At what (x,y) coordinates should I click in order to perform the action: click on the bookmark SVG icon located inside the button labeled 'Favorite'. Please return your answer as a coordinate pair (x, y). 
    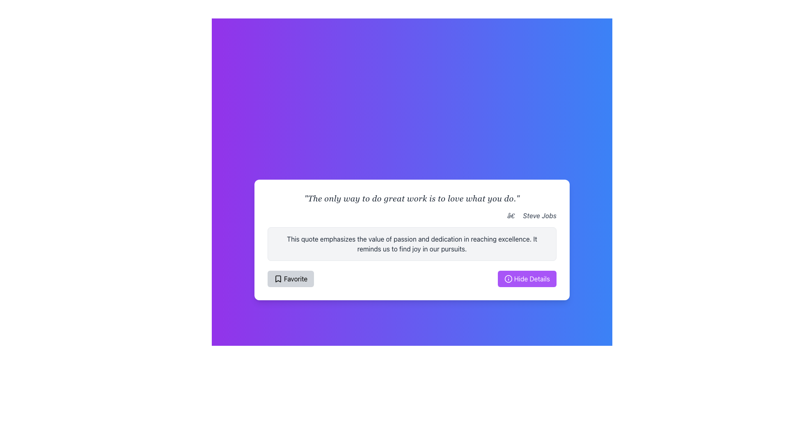
    Looking at the image, I should click on (278, 278).